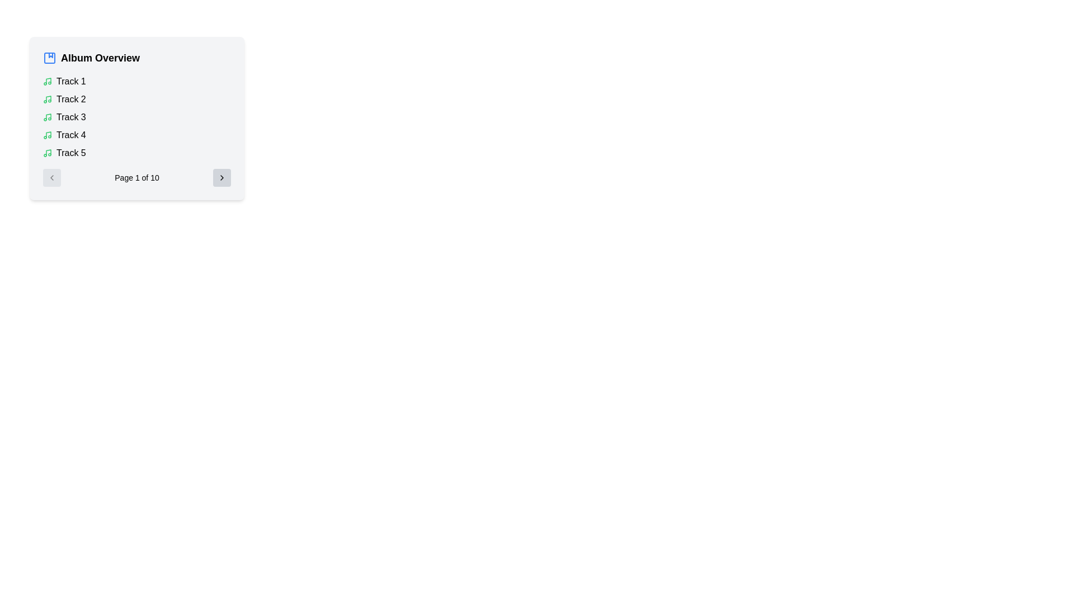 This screenshot has width=1074, height=604. What do you see at coordinates (70, 117) in the screenshot?
I see `the text label representing the third track in the 'Album Overview' list` at bounding box center [70, 117].